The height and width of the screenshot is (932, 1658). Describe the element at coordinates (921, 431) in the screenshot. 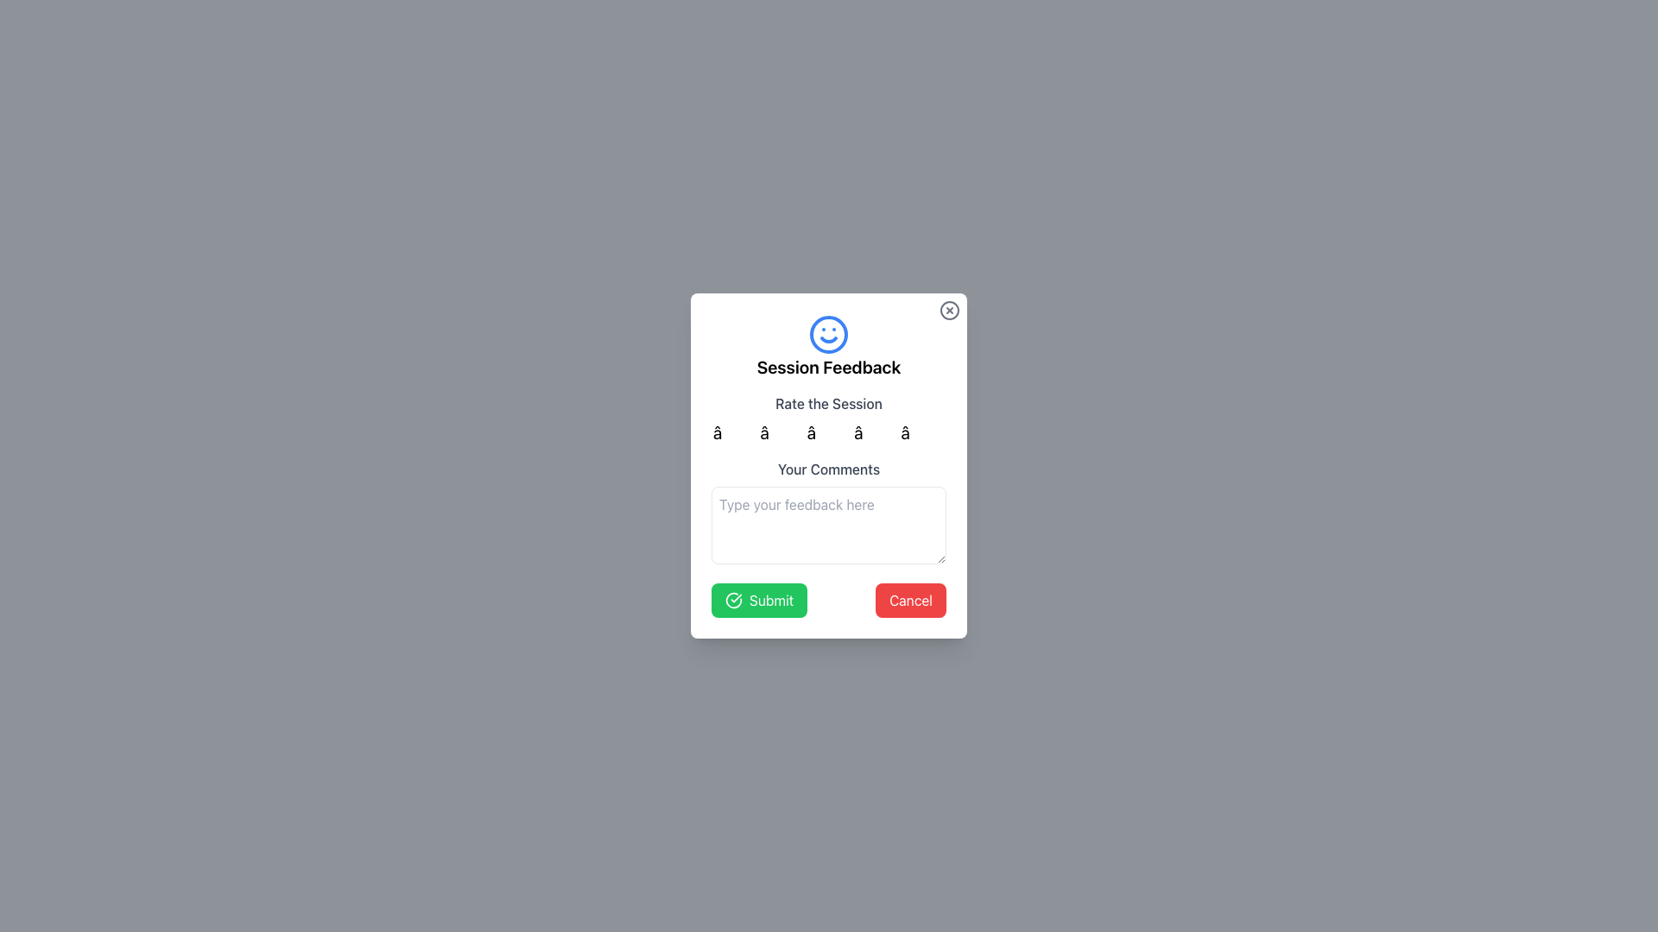

I see `the fifth star in the rating system to rate the session as maximum value` at that location.